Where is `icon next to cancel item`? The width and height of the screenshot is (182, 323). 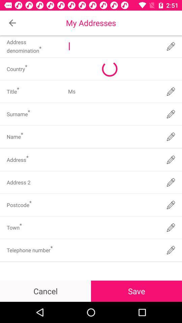
icon next to cancel item is located at coordinates (136, 291).